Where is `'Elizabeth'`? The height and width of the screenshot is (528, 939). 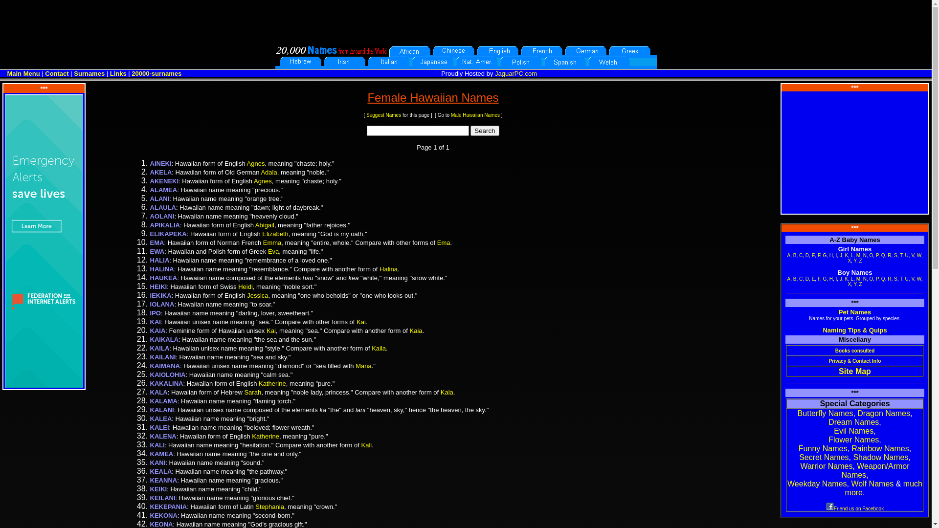 'Elizabeth' is located at coordinates (262, 234).